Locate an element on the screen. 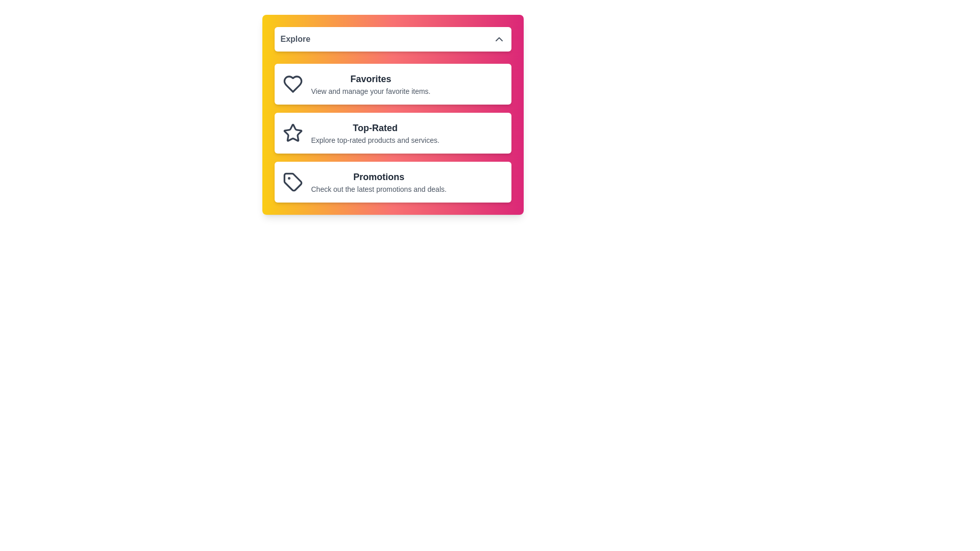 The height and width of the screenshot is (551, 980). the menu item Top-Rated to observe its hover state is located at coordinates (392, 133).